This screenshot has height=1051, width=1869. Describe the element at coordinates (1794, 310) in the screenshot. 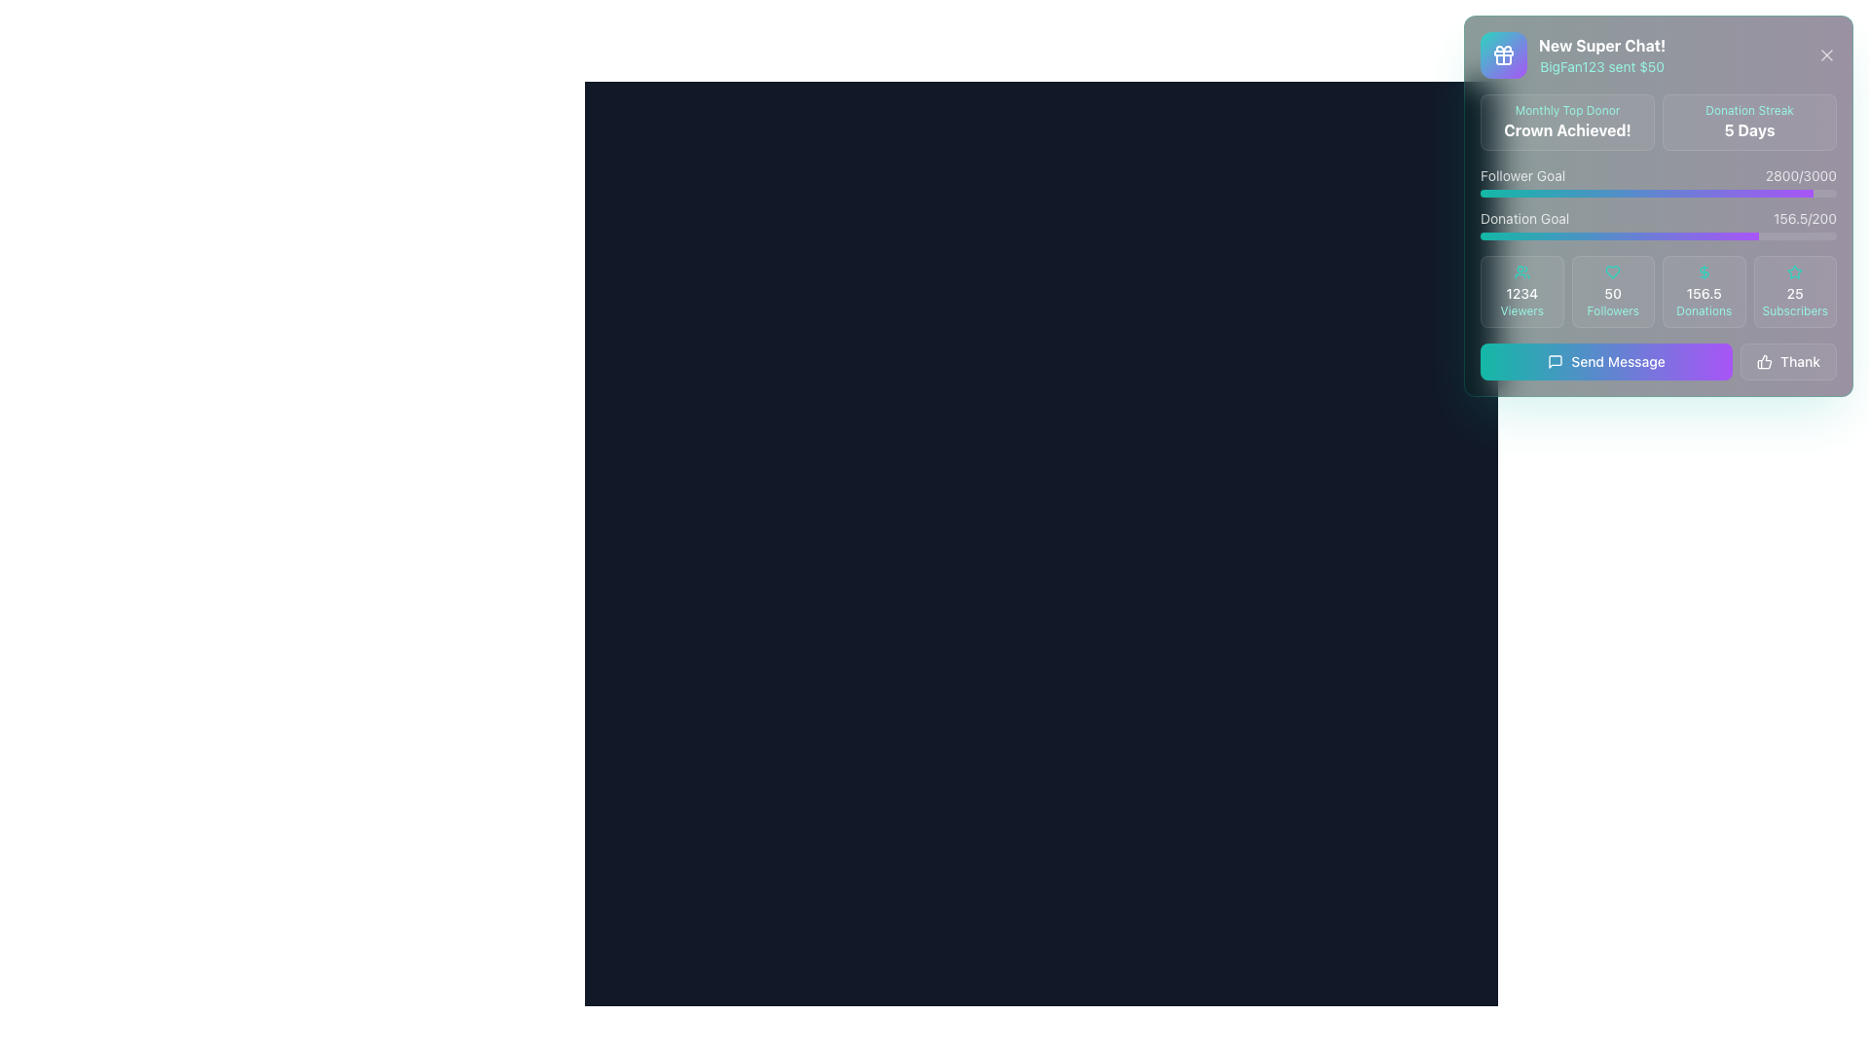

I see `the text label displaying 'subscribers' in teal color, located below the number '25' within a translucent white card` at that location.